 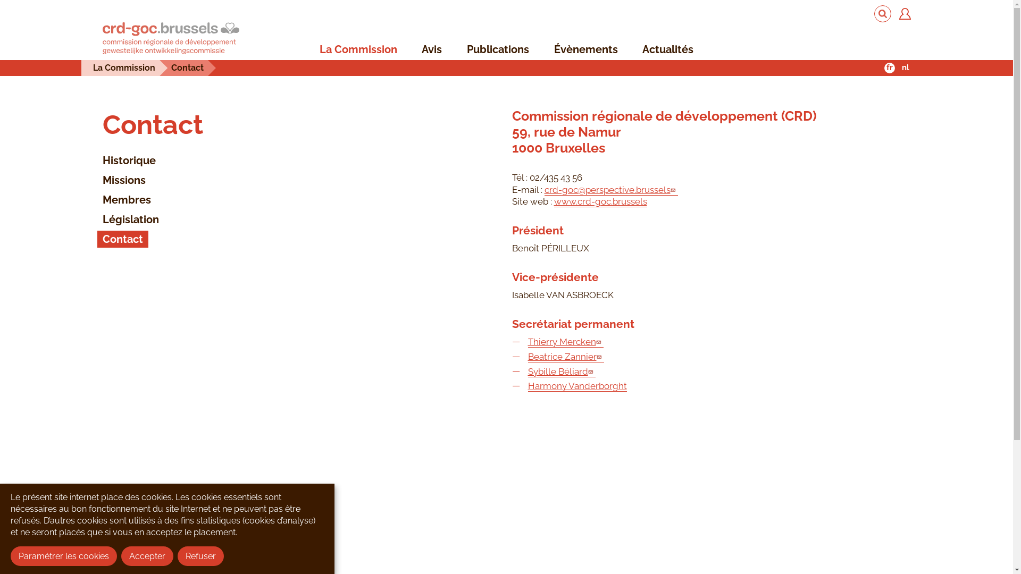 What do you see at coordinates (565, 357) in the screenshot?
I see `'Beatrice Zannier'` at bounding box center [565, 357].